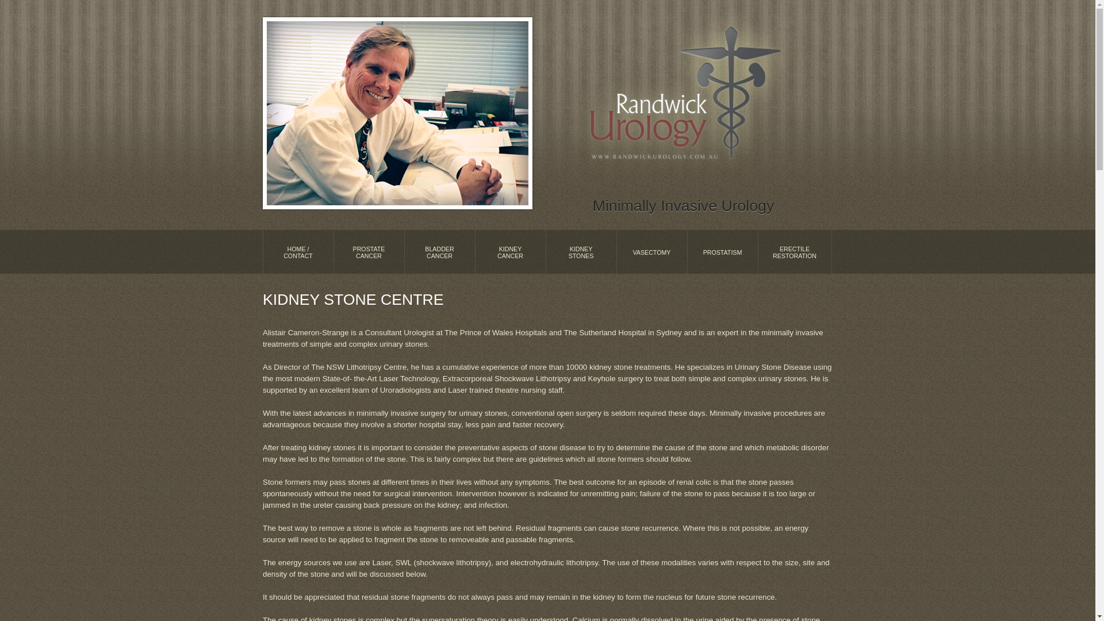 The image size is (1104, 621). What do you see at coordinates (651, 251) in the screenshot?
I see `'VASECTOMY'` at bounding box center [651, 251].